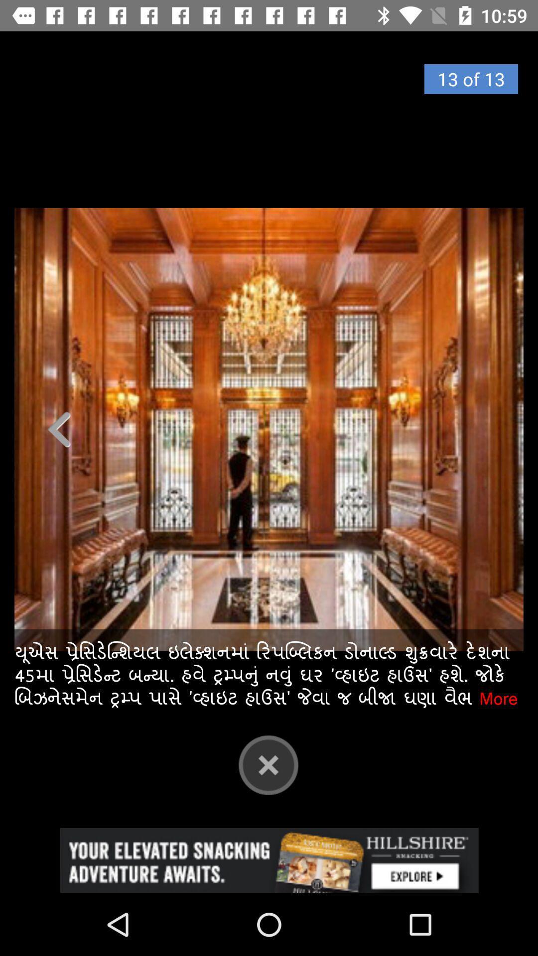 This screenshot has width=538, height=956. I want to click on button, so click(268, 764).